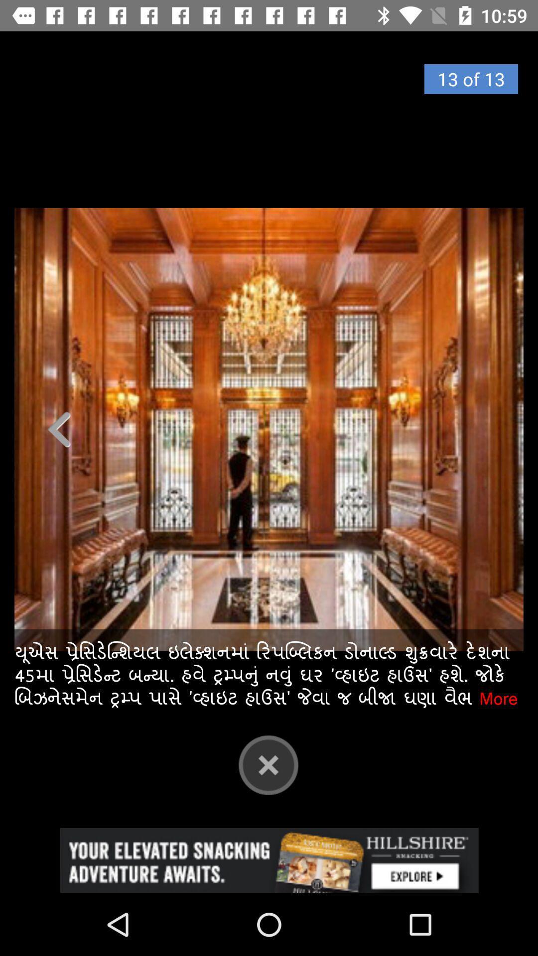 This screenshot has width=538, height=956. I want to click on button, so click(268, 764).